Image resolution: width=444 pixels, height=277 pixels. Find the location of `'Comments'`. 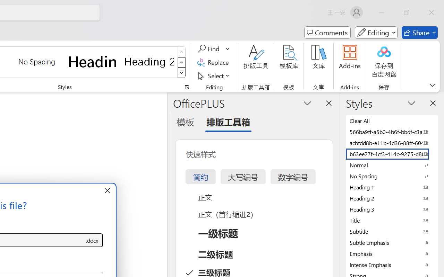

'Comments' is located at coordinates (327, 33).